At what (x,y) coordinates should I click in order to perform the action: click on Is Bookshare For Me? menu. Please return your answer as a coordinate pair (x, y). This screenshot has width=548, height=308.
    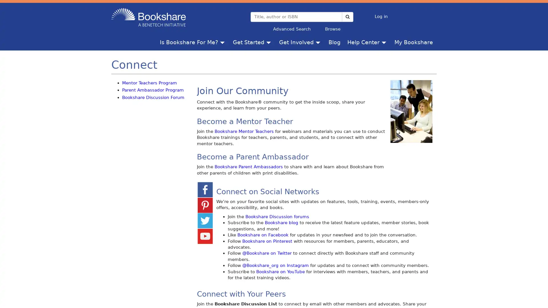
    Looking at the image, I should click on (223, 42).